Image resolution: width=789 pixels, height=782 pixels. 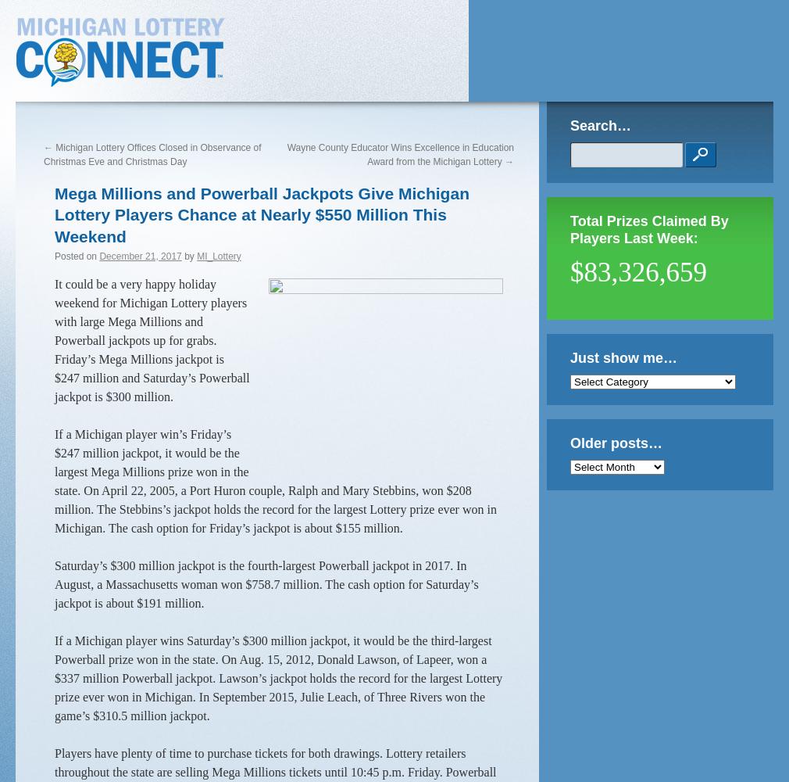 What do you see at coordinates (74, 255) in the screenshot?
I see `'Posted on'` at bounding box center [74, 255].